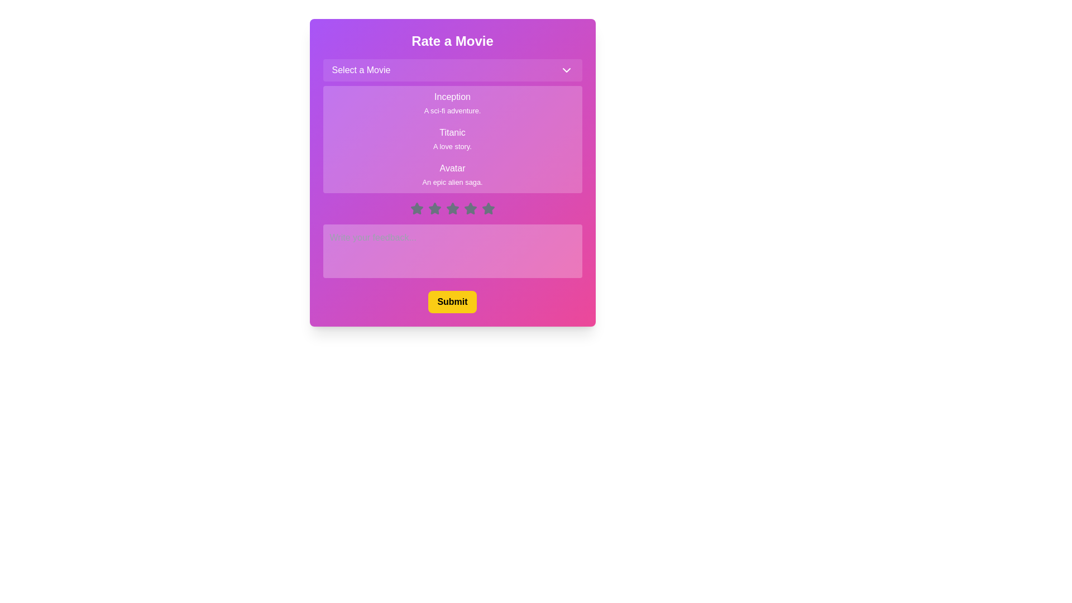 The image size is (1072, 603). I want to click on the fifth dark gray star icon in the horizontal row of rating stars, positioned below the 'Write your feedback...' text input box and above the 'Submit' button, so click(488, 209).